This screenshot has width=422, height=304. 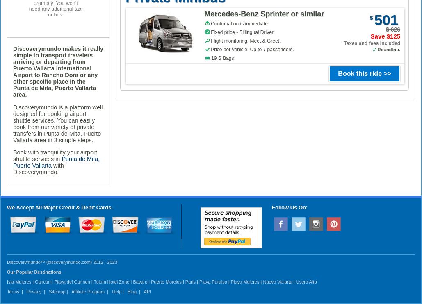 What do you see at coordinates (271, 207) in the screenshot?
I see `'Follow Us On:'` at bounding box center [271, 207].